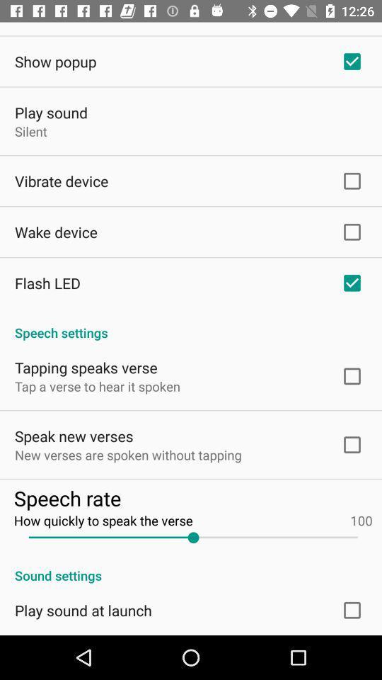  What do you see at coordinates (55, 232) in the screenshot?
I see `wake device icon` at bounding box center [55, 232].